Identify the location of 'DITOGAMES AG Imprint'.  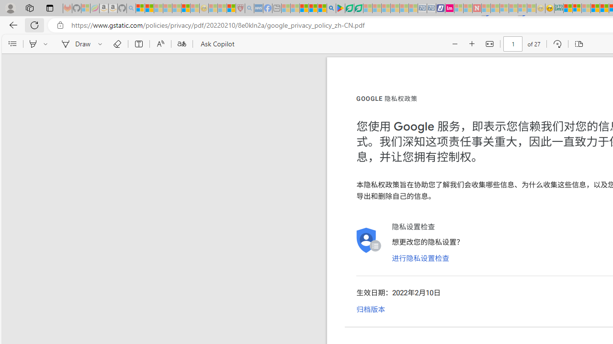
(559, 8).